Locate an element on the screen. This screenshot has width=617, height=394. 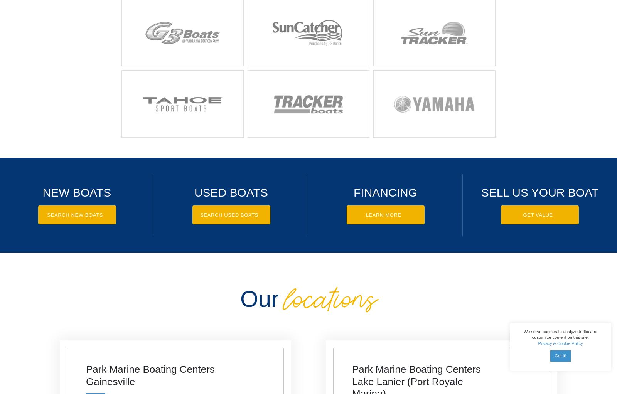
'Got It!' is located at coordinates (560, 355).